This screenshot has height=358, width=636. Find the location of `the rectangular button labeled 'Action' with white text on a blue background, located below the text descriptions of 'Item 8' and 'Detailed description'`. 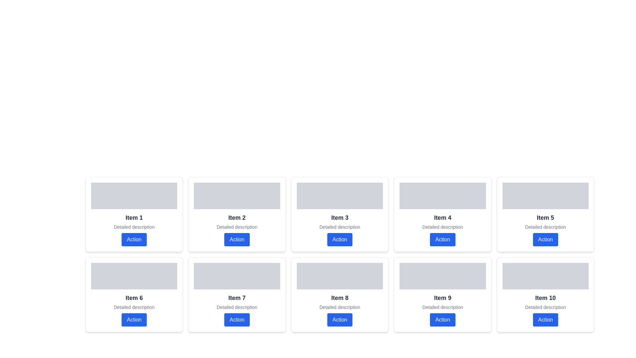

the rectangular button labeled 'Action' with white text on a blue background, located below the text descriptions of 'Item 8' and 'Detailed description' is located at coordinates (340, 319).